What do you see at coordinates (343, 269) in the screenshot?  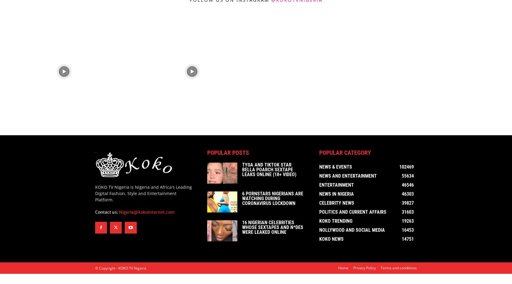 I see `'Home'` at bounding box center [343, 269].